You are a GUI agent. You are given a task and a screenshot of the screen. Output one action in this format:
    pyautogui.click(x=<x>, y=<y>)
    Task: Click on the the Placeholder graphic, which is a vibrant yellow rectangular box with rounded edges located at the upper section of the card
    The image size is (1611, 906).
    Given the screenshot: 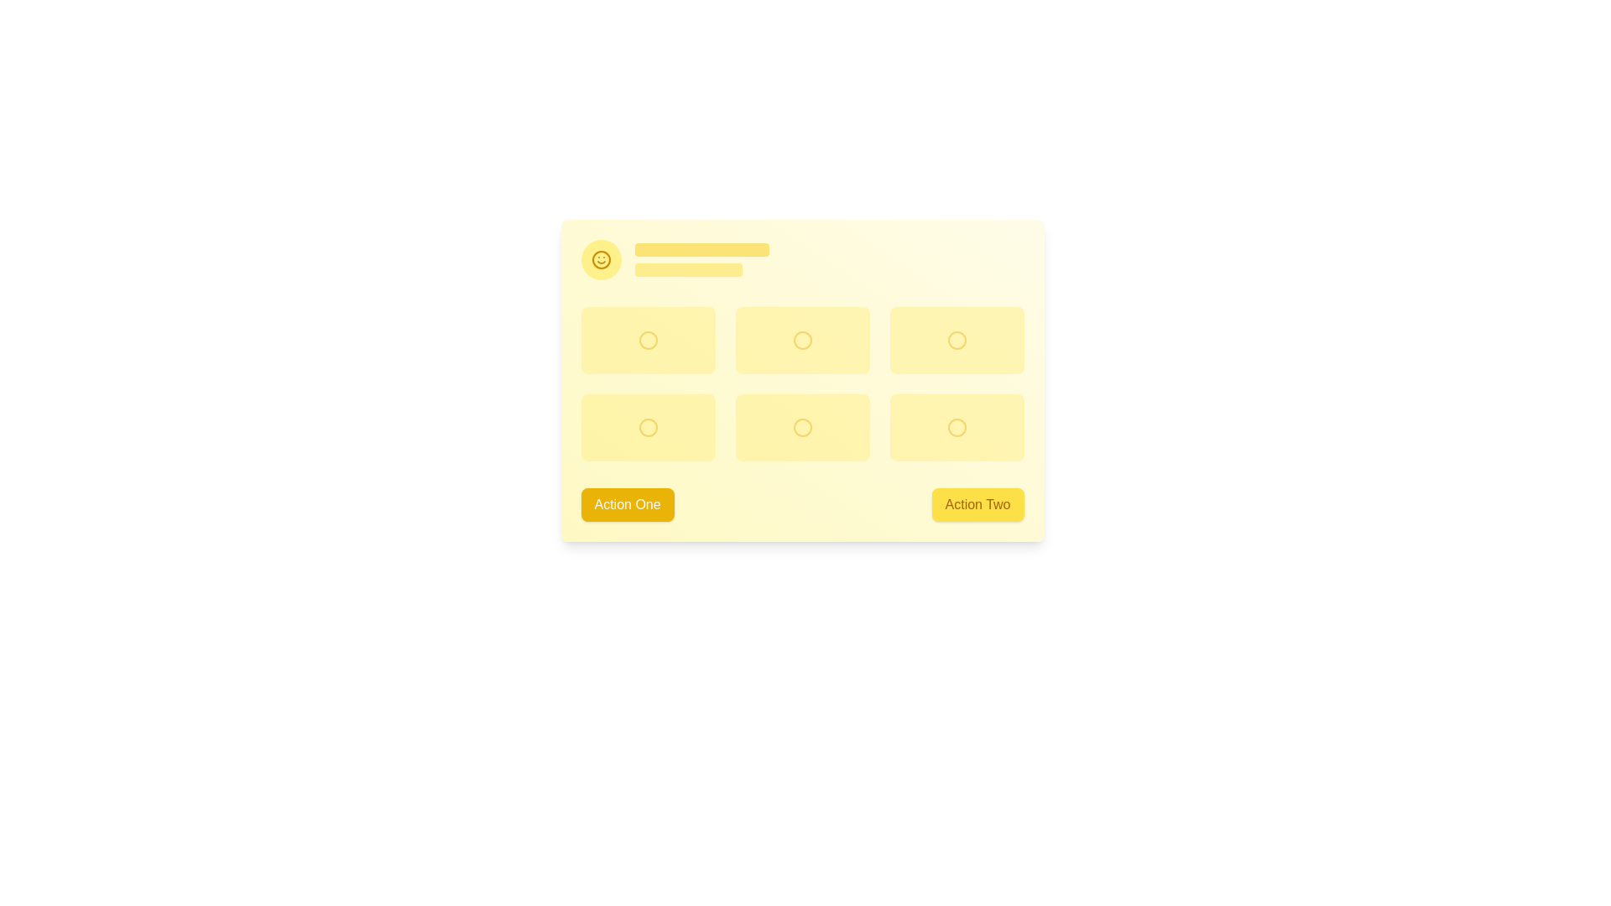 What is the action you would take?
    pyautogui.click(x=701, y=249)
    